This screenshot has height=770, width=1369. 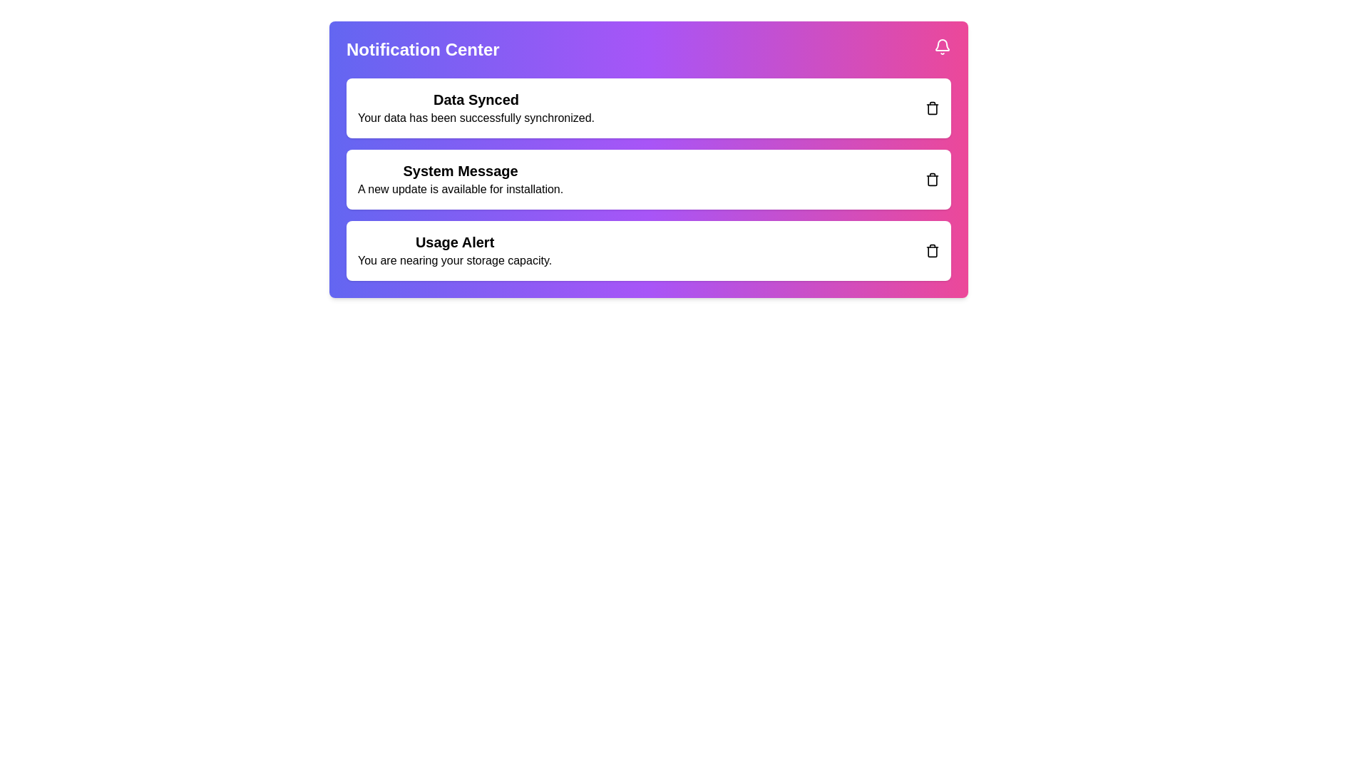 What do you see at coordinates (461, 170) in the screenshot?
I see `text content of the title or header in the second notification card located within the 'Notification Center', positioned above the phrase 'A new update is available for installation.'` at bounding box center [461, 170].